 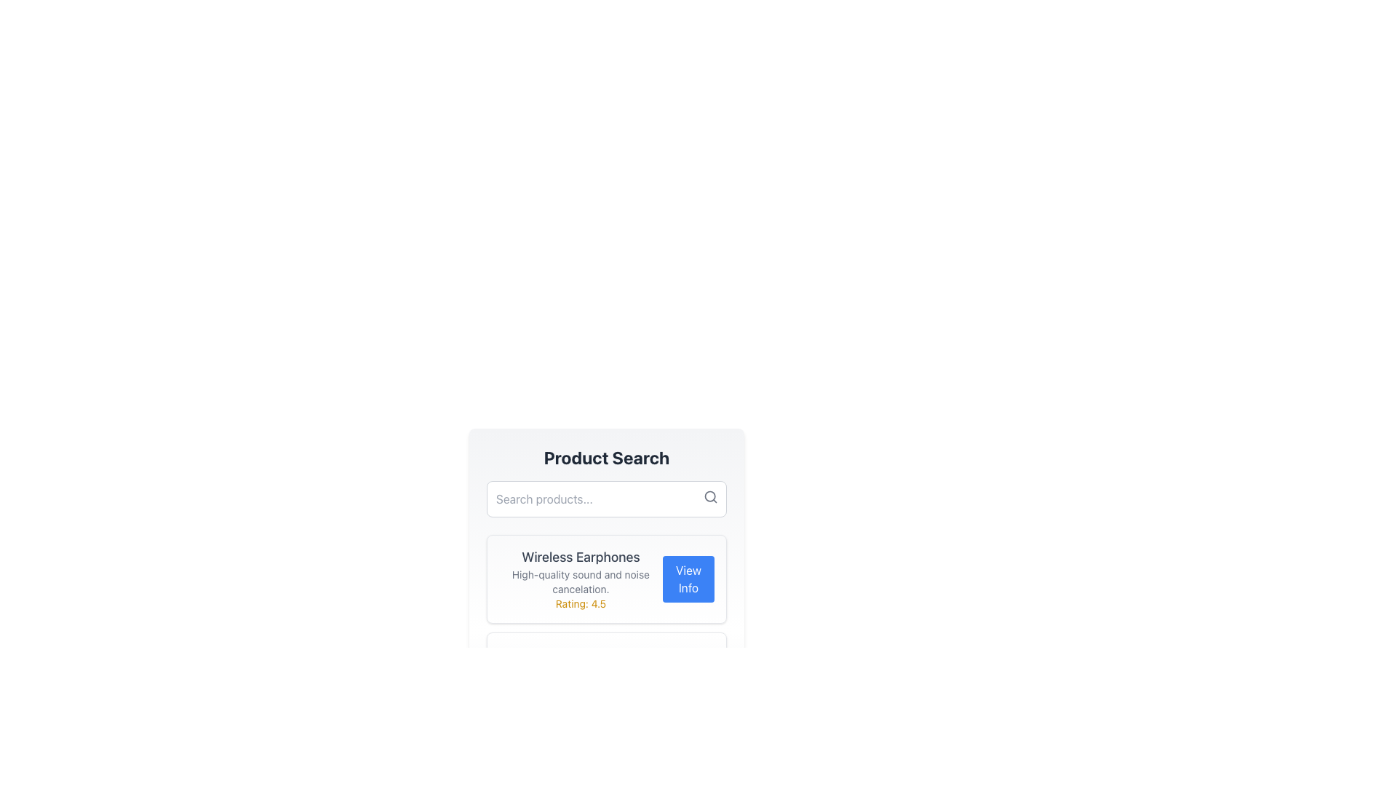 I want to click on the button located in the bottom-right corner of the product information card, so click(x=688, y=578).